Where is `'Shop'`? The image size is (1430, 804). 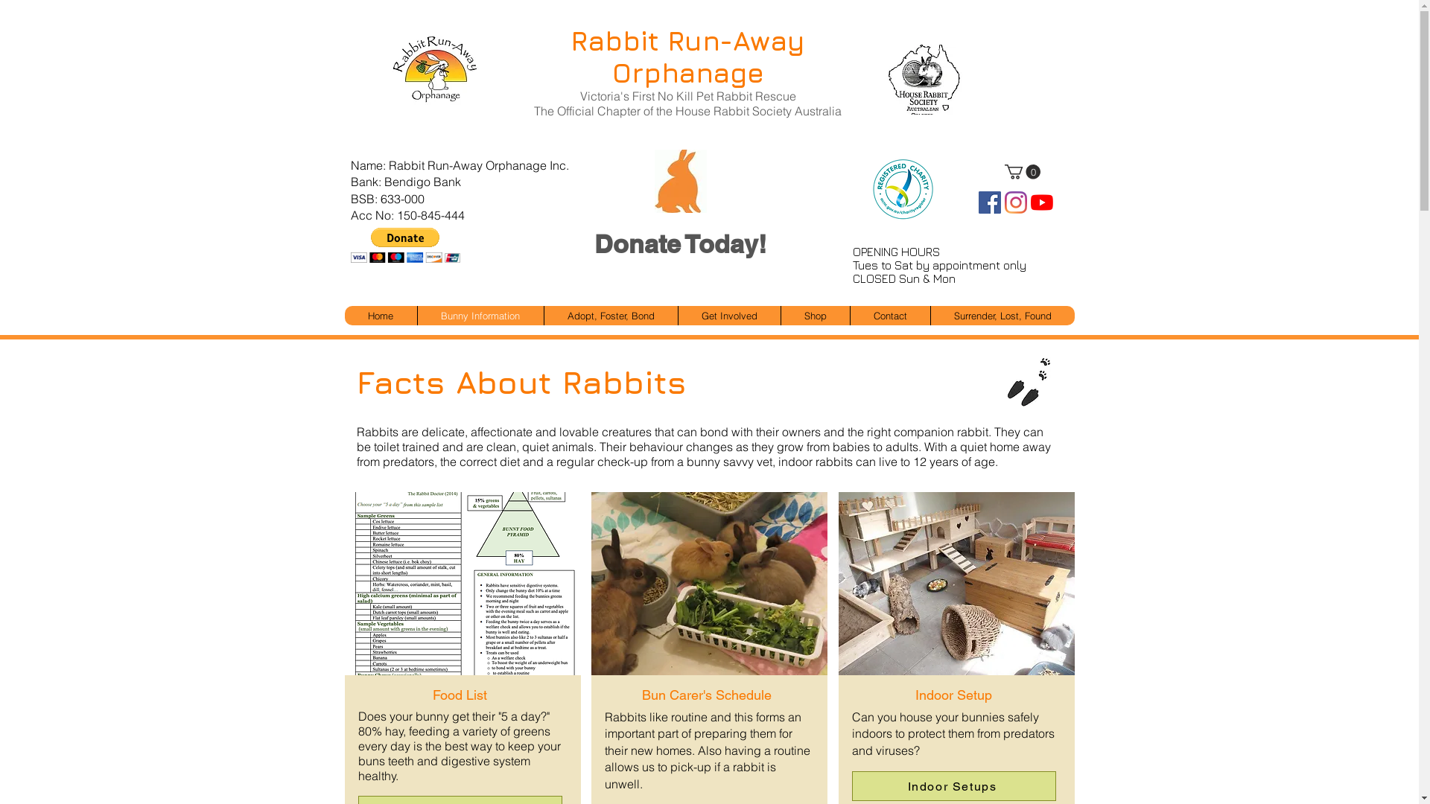 'Shop' is located at coordinates (814, 315).